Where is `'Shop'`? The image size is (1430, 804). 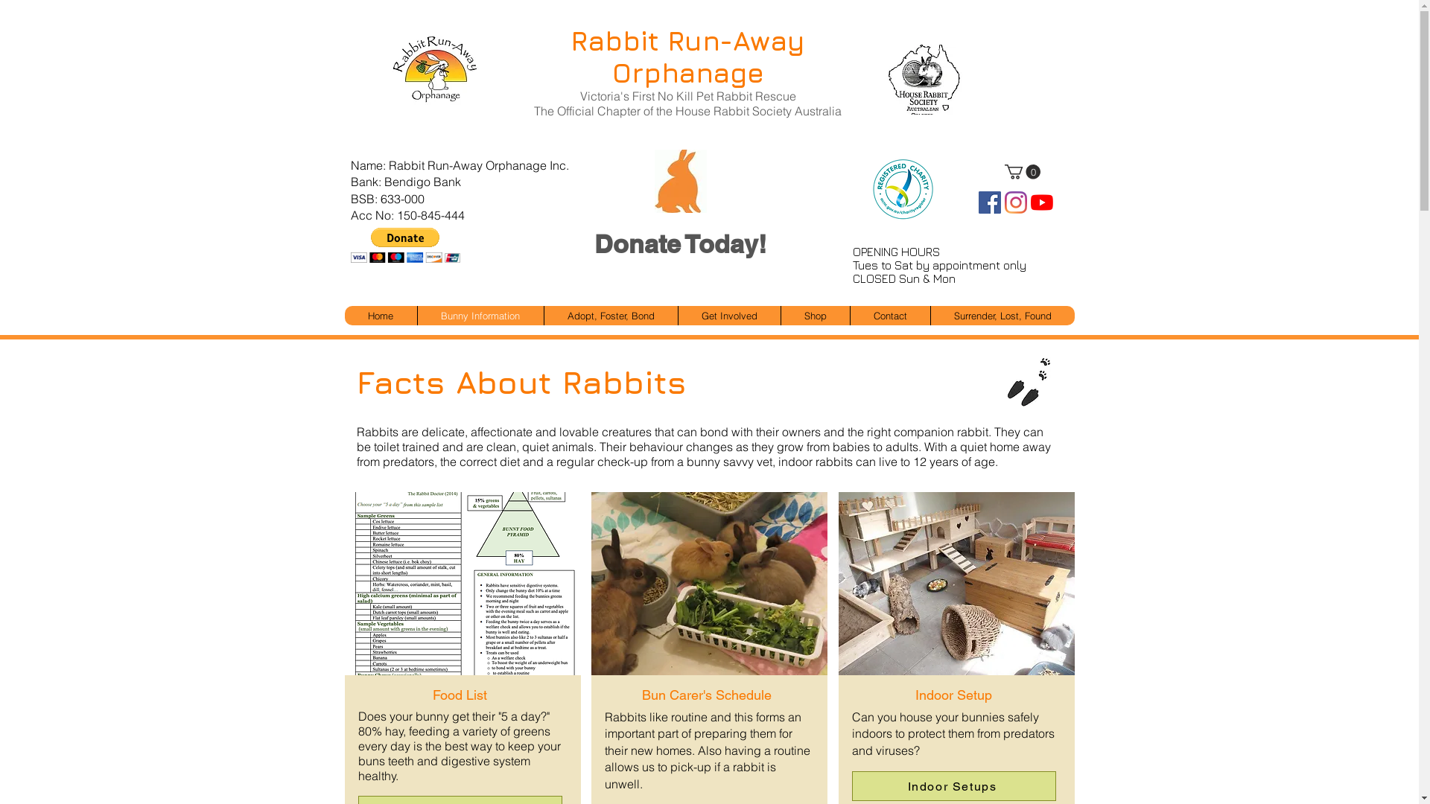 'Shop' is located at coordinates (814, 315).